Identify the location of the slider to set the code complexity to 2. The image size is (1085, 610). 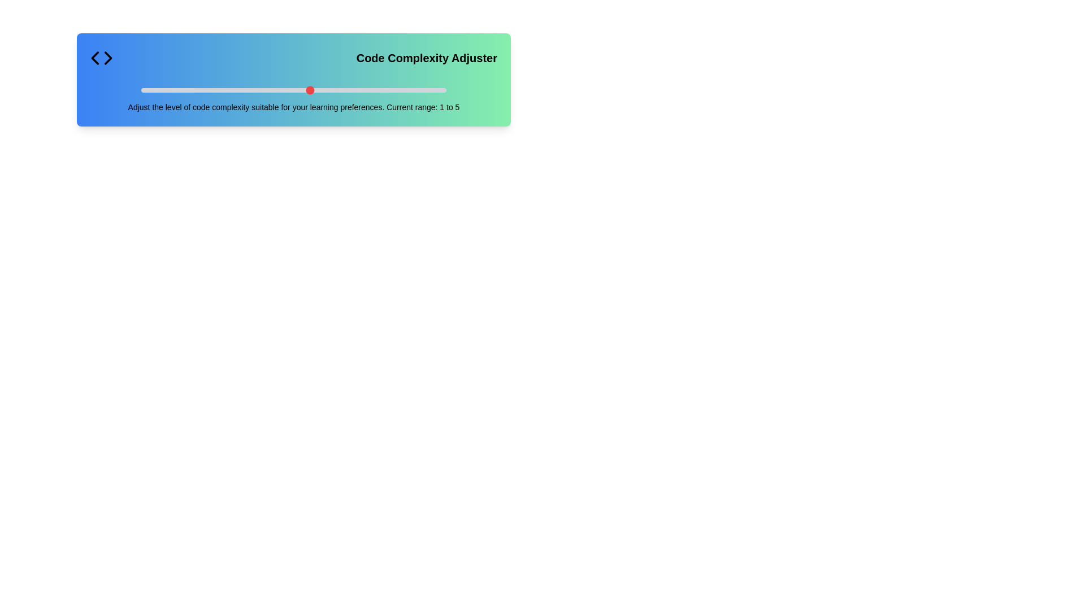
(175, 89).